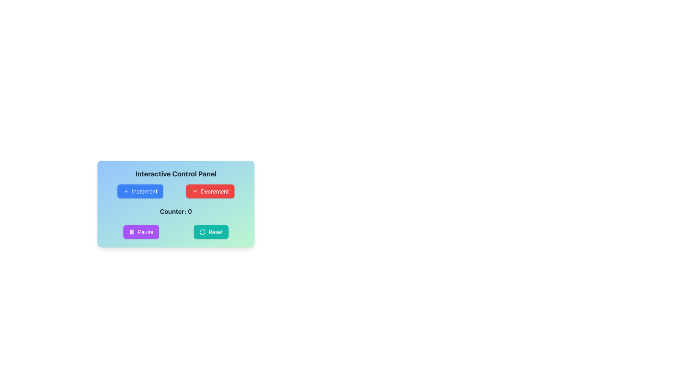 This screenshot has height=378, width=673. I want to click on the prominent red 'Decrement' button featuring white text and a downward arrow icon, located to the right of the blue 'Increment' button, so click(210, 191).